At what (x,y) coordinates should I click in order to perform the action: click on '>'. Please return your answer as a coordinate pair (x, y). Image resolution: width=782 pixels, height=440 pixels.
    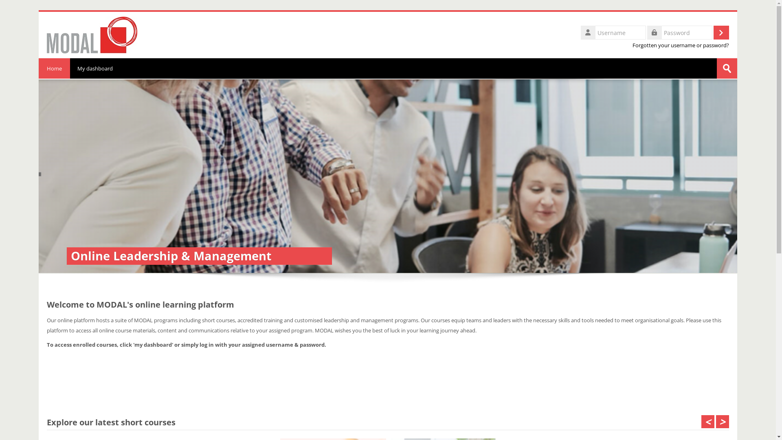
    Looking at the image, I should click on (723, 421).